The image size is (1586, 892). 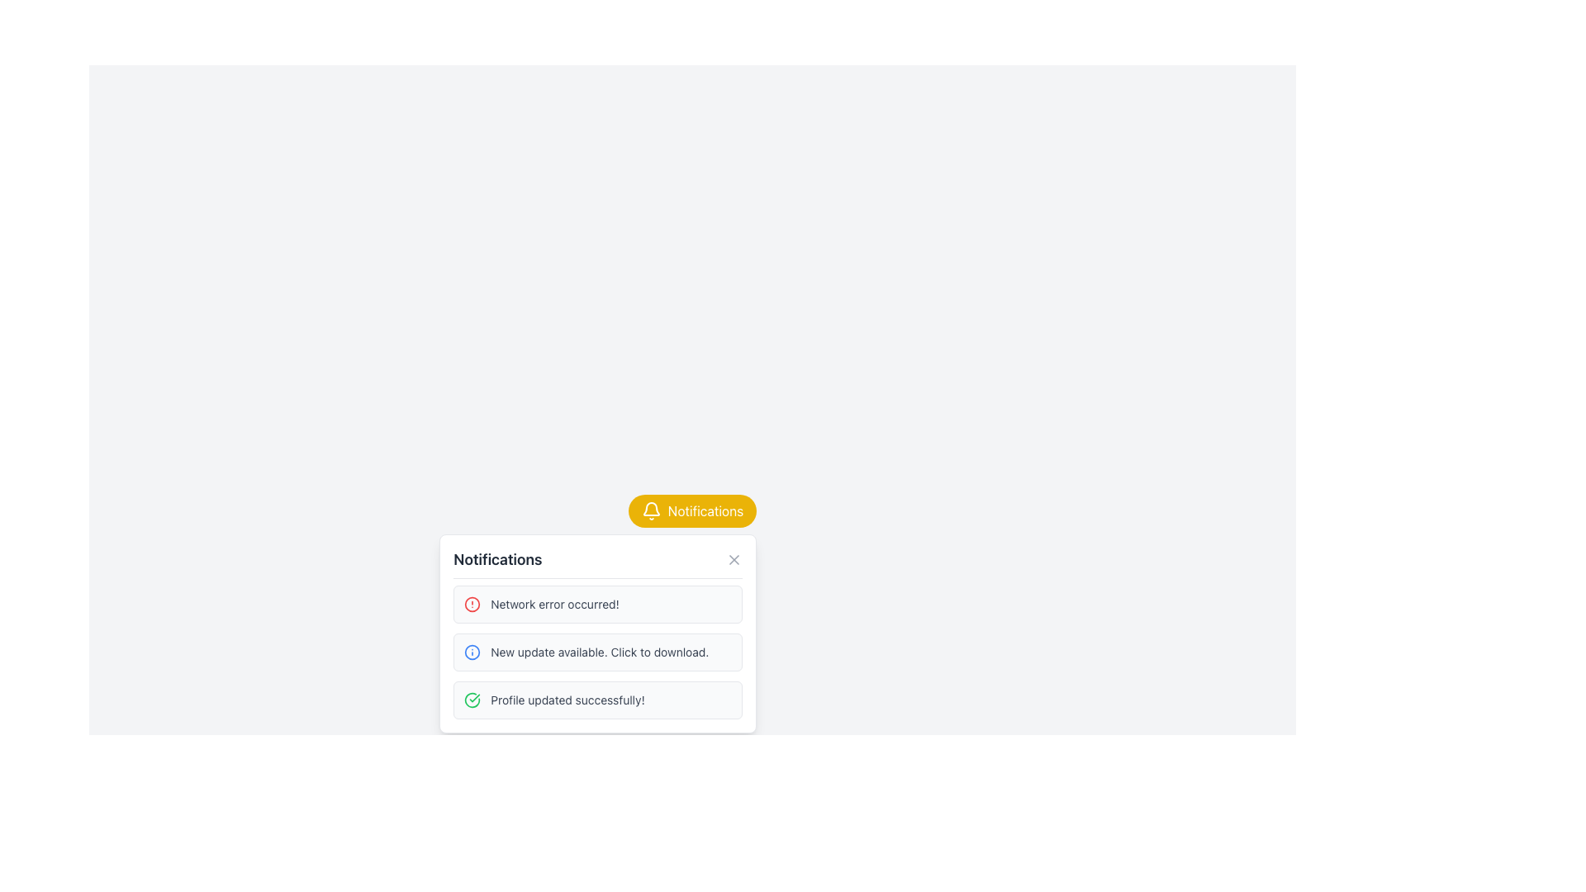 I want to click on text notification that says 'Profile updated successfully!' which appears in a small gray font below the other notifications in the notification list, so click(x=567, y=700).